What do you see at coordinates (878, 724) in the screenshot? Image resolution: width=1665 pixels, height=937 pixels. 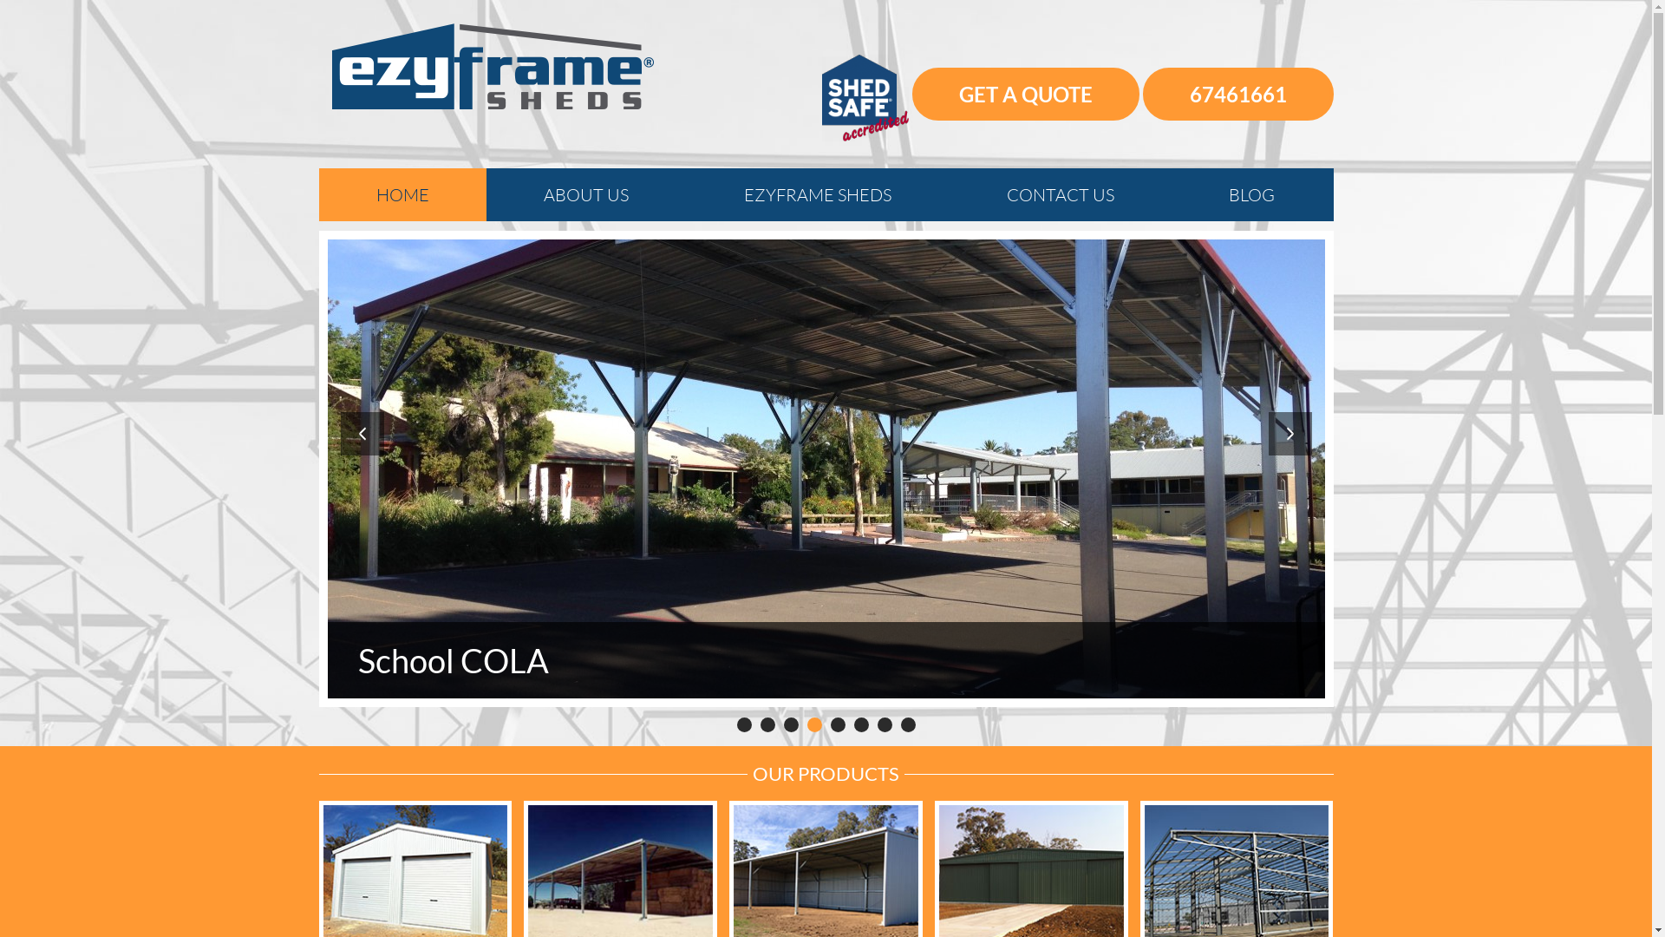 I see `'7'` at bounding box center [878, 724].